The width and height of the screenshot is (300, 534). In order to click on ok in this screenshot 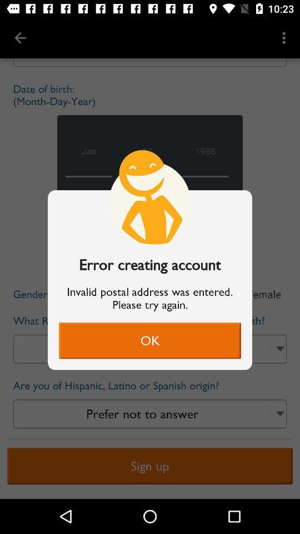, I will do `click(150, 340)`.